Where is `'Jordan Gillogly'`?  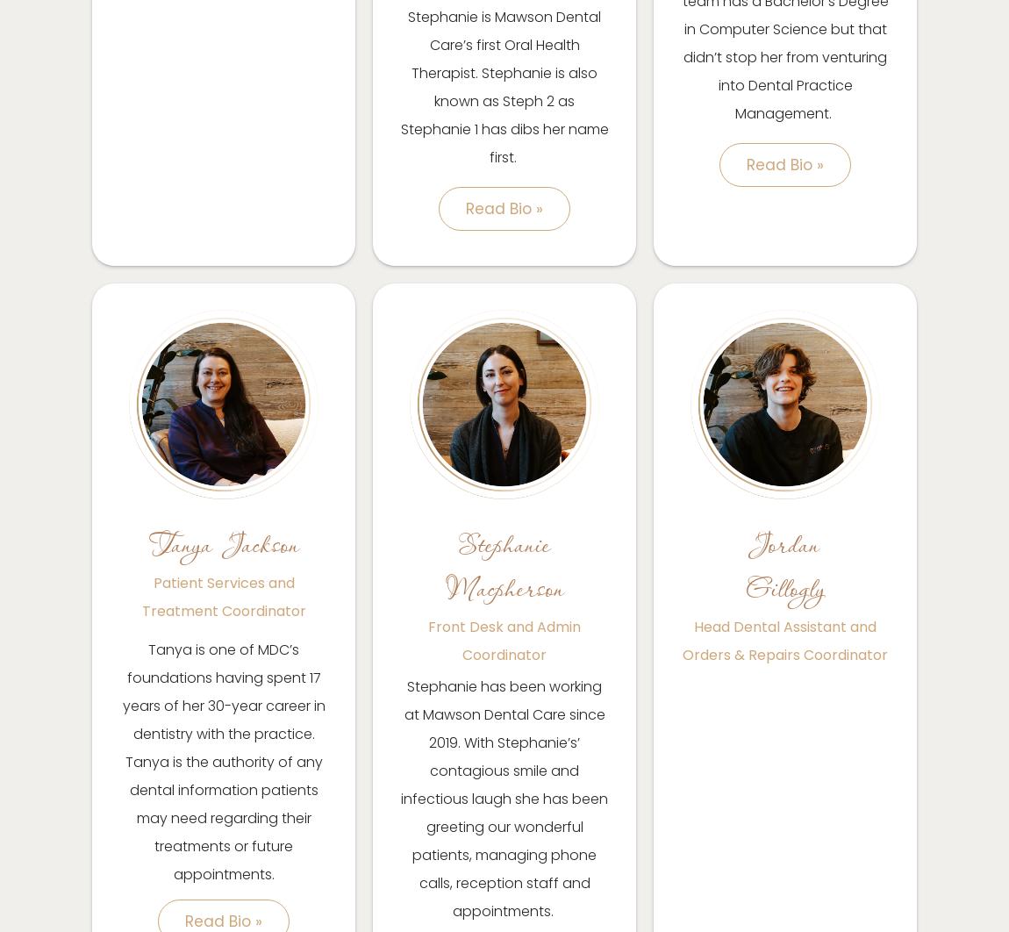 'Jordan Gillogly' is located at coordinates (784, 564).